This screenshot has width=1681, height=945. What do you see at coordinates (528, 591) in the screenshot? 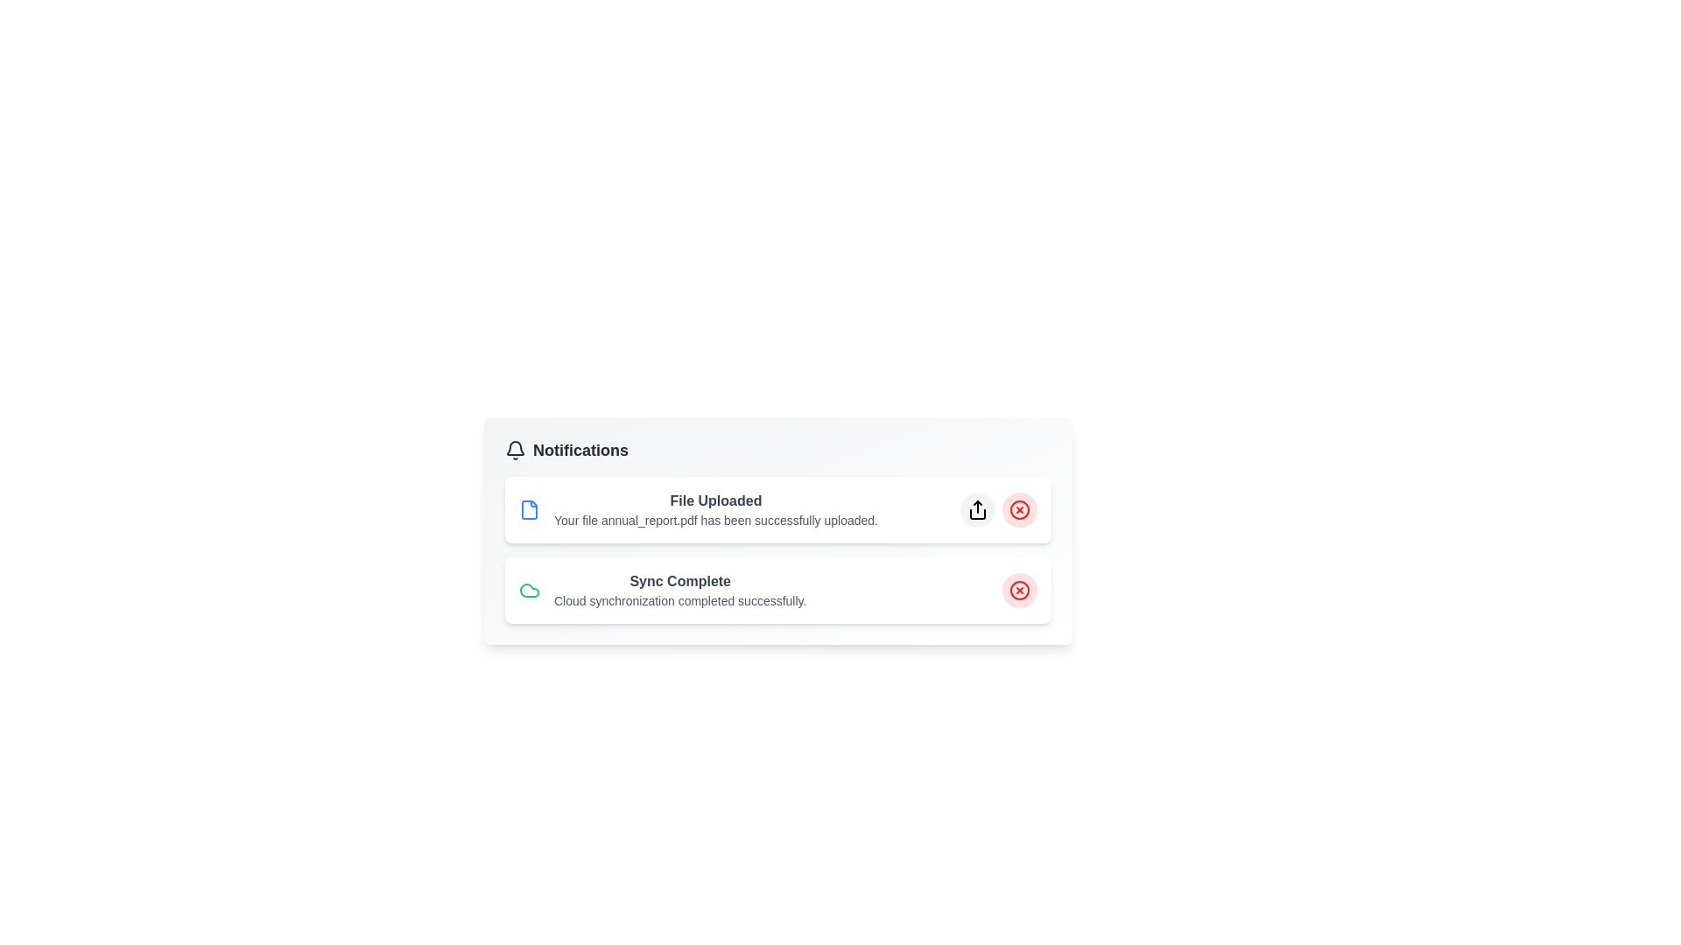
I see `the cloud synchronization completion icon located in the top-left corner of the 'Sync Complete' notification` at bounding box center [528, 591].